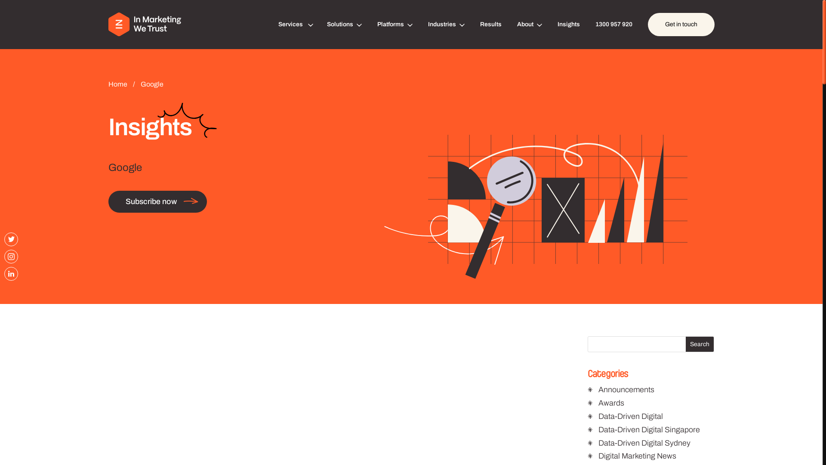 Image resolution: width=826 pixels, height=465 pixels. I want to click on 'About', so click(529, 24).